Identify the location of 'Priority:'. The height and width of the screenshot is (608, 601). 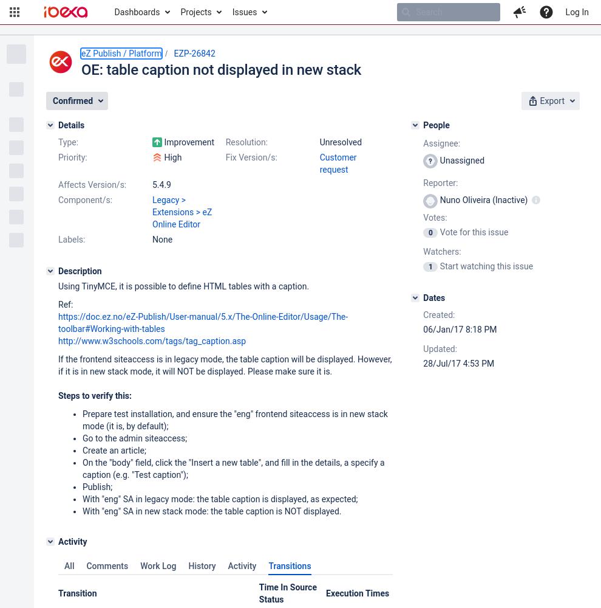
(72, 157).